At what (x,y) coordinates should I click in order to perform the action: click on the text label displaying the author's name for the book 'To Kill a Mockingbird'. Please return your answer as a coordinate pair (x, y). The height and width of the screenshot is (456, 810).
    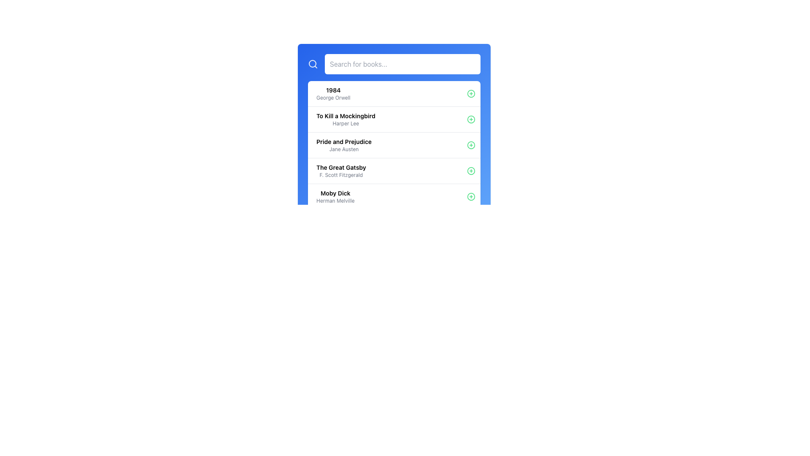
    Looking at the image, I should click on (346, 124).